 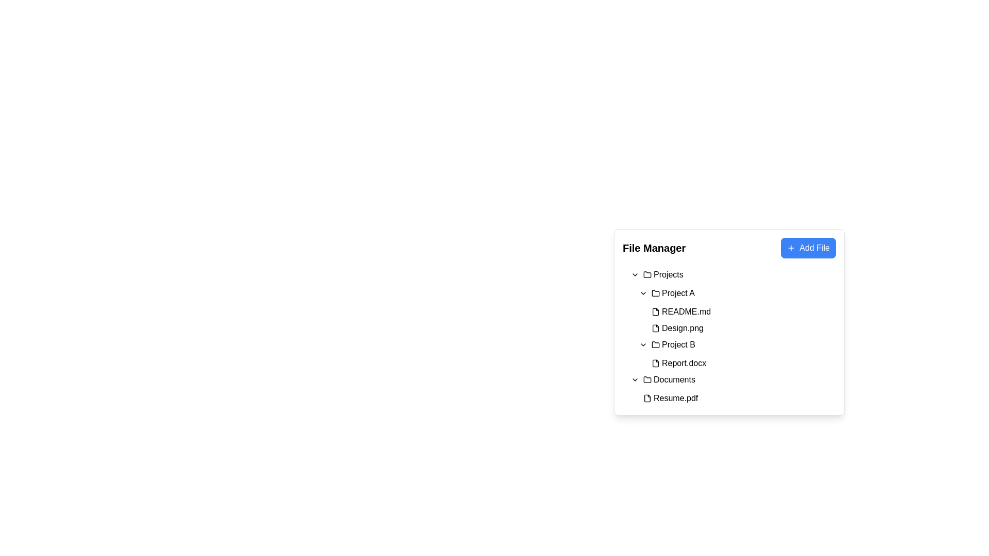 I want to click on the 'Report.docx' file entry within the 'Project B' folder, so click(x=742, y=362).